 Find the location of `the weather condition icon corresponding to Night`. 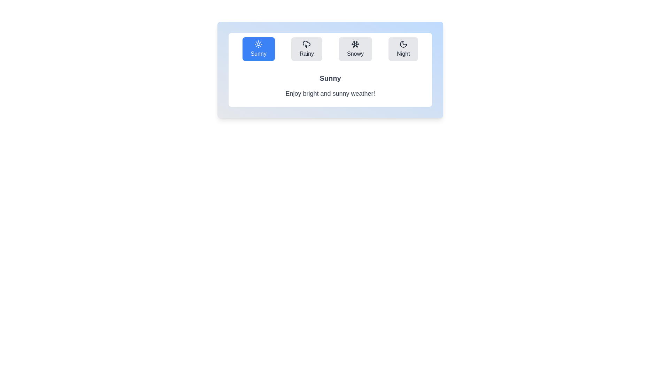

the weather condition icon corresponding to Night is located at coordinates (403, 49).